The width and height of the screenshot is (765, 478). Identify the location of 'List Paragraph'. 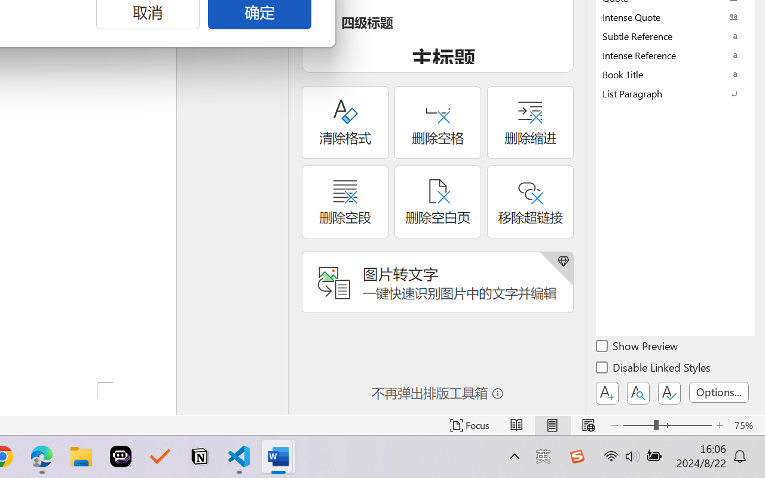
(675, 93).